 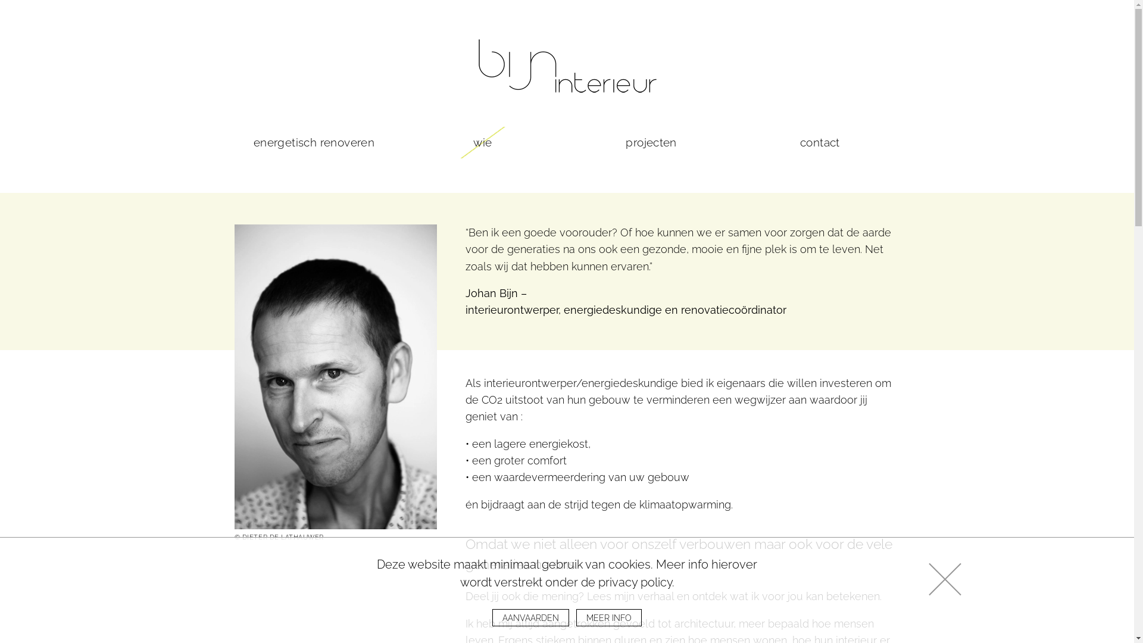 I want to click on 'Home', so click(x=566, y=65).